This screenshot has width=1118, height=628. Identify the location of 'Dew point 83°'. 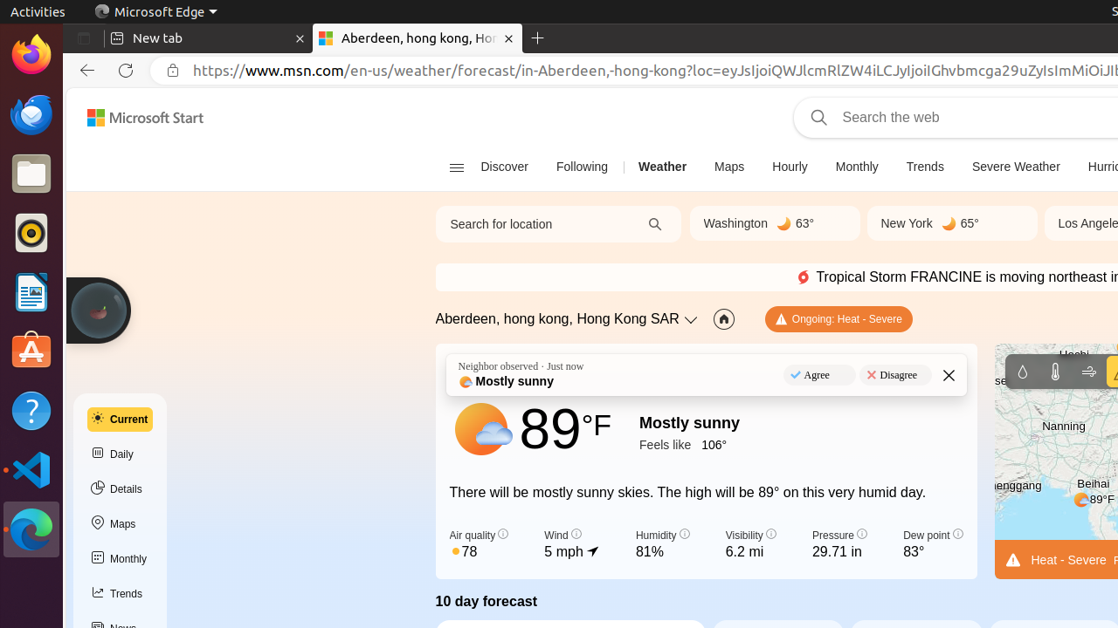
(932, 544).